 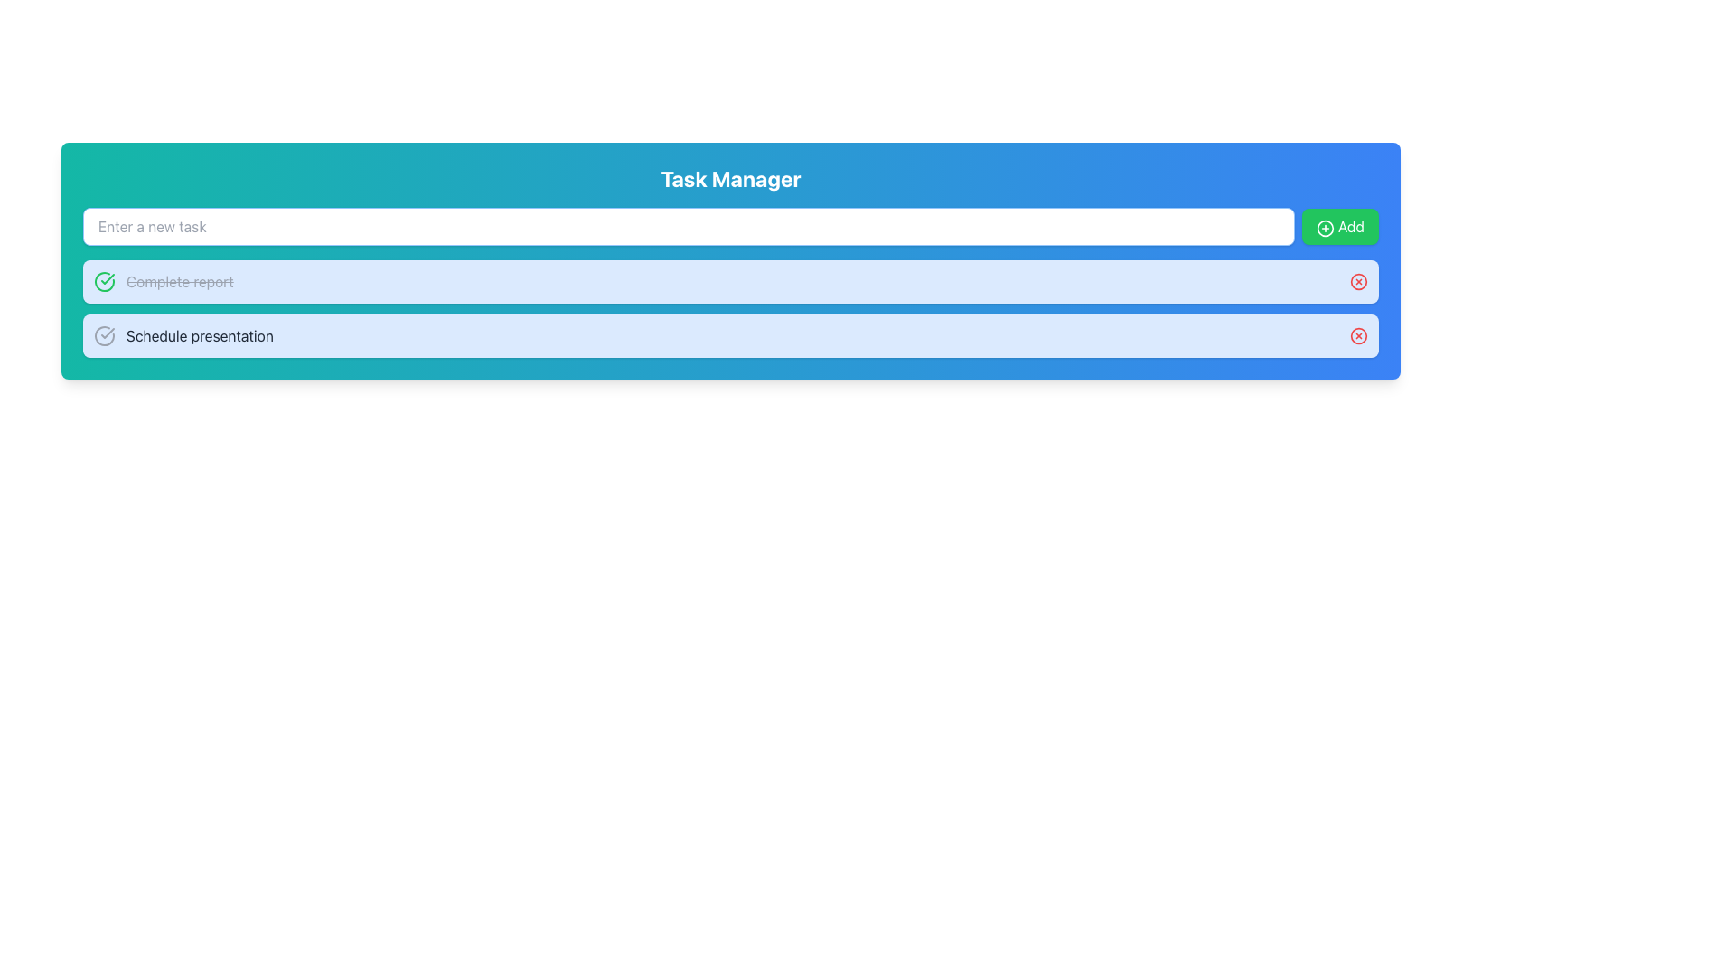 I want to click on the plus icon inside the 'Add' button with a green background, so click(x=1325, y=227).